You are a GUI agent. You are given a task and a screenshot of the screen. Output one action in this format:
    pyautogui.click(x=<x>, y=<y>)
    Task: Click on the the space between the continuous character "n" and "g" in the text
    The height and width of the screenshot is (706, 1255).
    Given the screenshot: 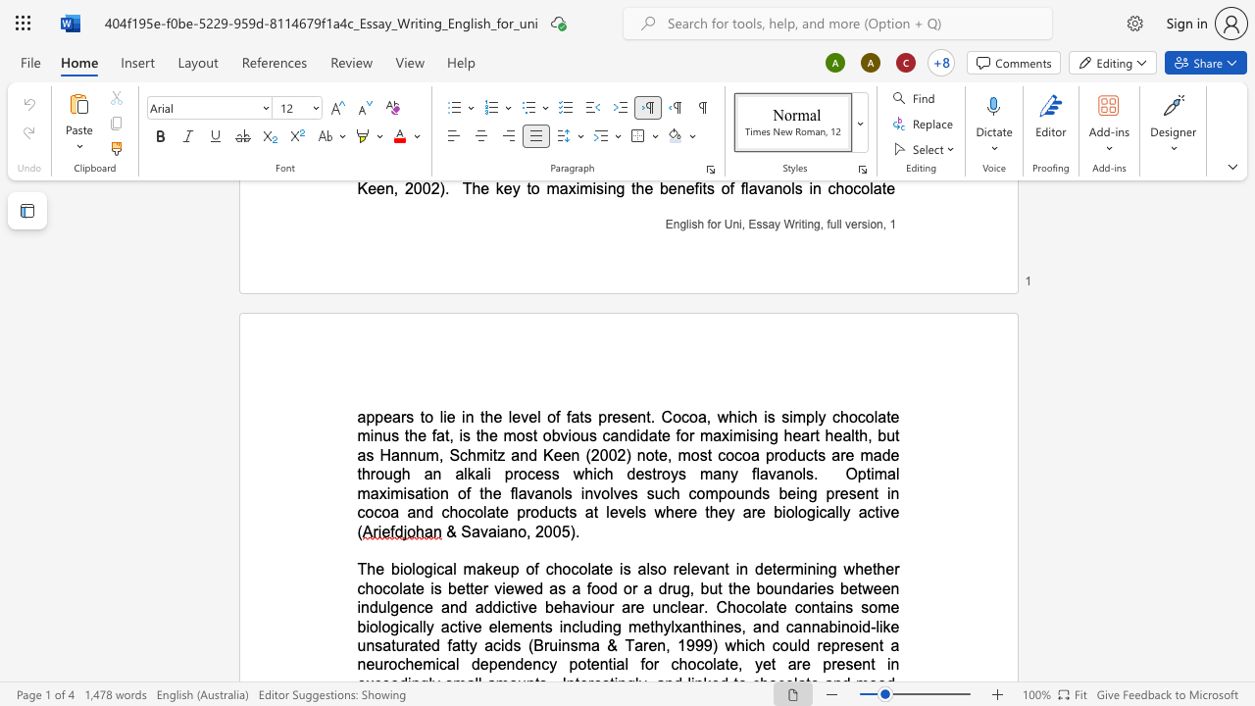 What is the action you would take?
    pyautogui.click(x=615, y=188)
    